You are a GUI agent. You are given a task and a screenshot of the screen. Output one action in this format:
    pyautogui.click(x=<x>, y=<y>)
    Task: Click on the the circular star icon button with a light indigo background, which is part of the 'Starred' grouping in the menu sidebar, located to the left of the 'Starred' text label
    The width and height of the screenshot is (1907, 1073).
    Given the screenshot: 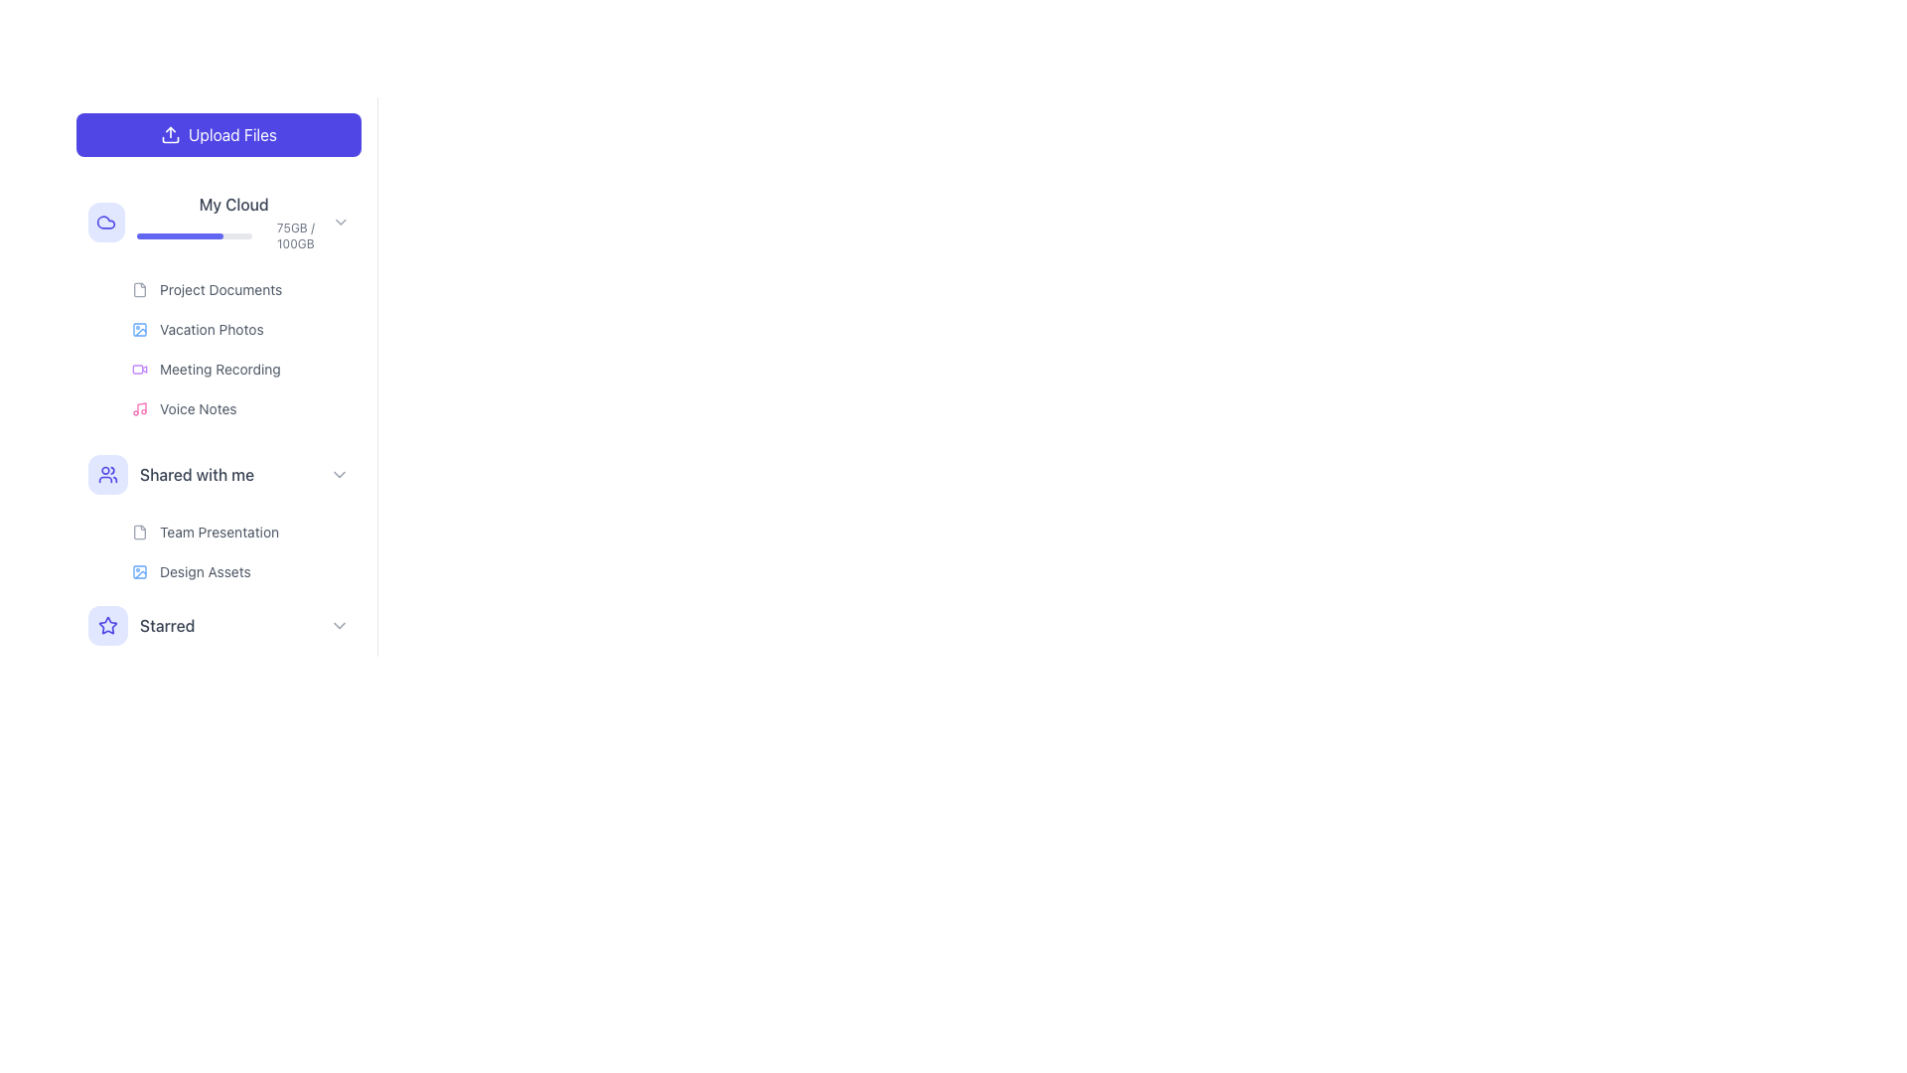 What is the action you would take?
    pyautogui.click(x=107, y=624)
    